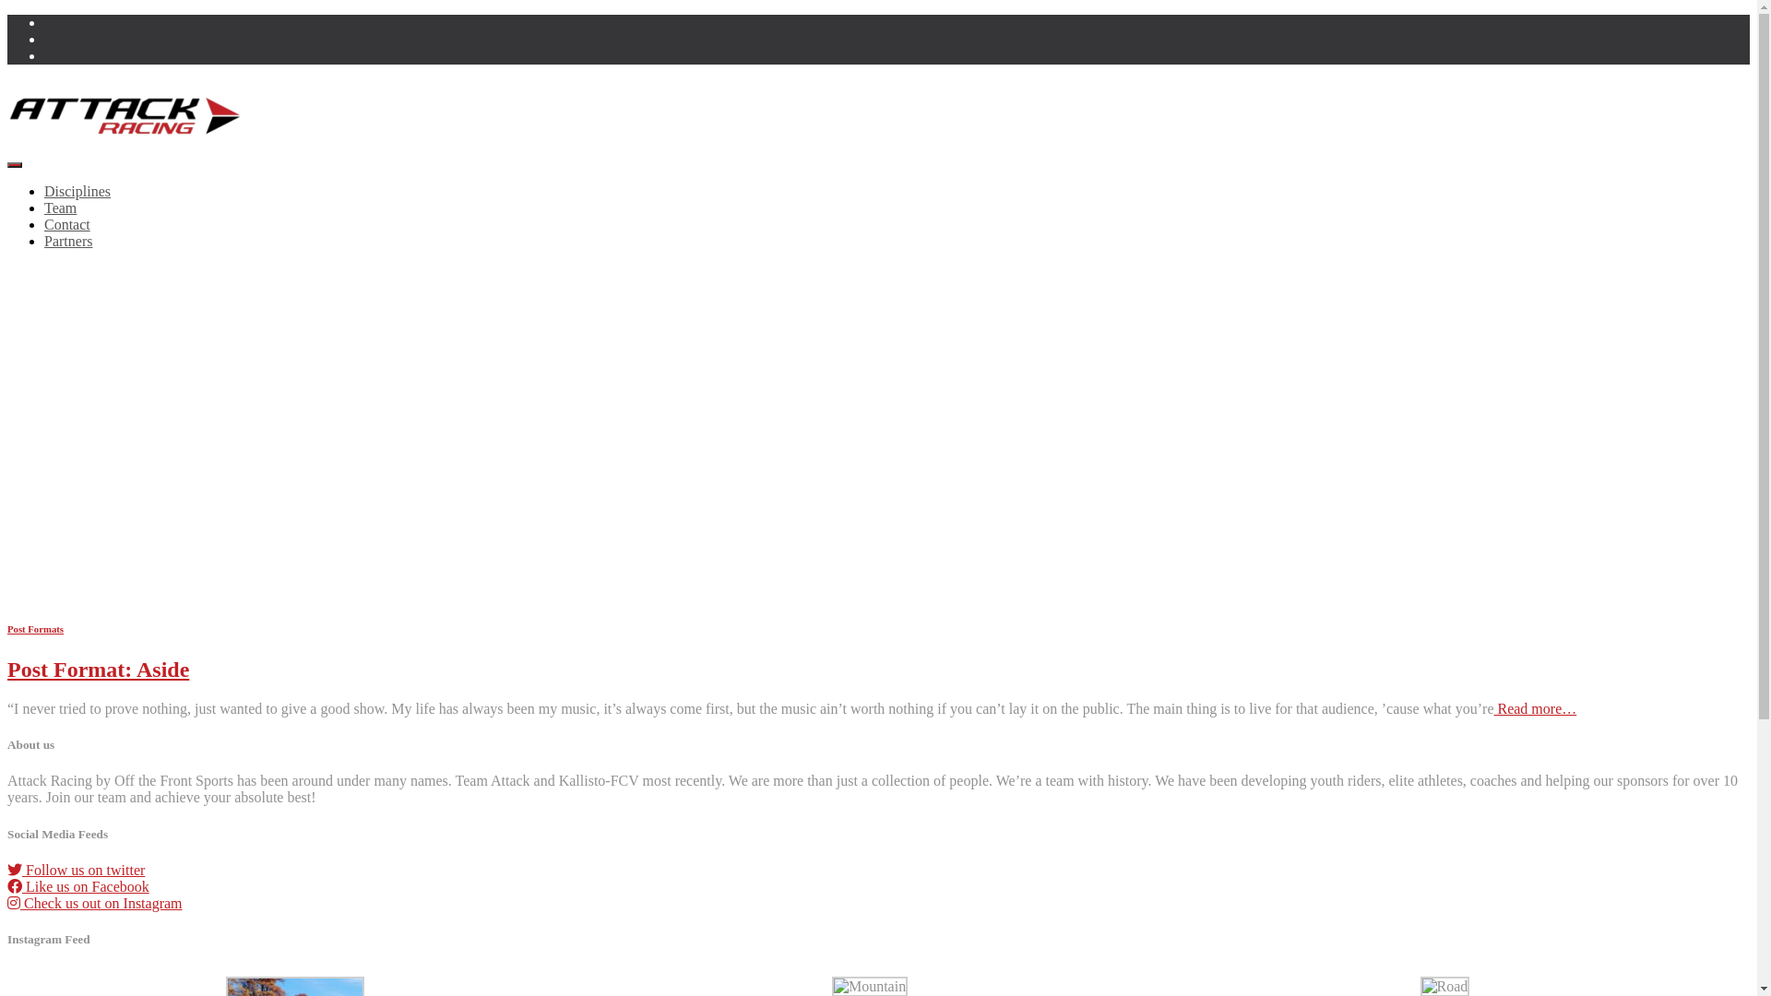 This screenshot has width=1771, height=996. What do you see at coordinates (7, 142) in the screenshot?
I see `'Attack Racing'` at bounding box center [7, 142].